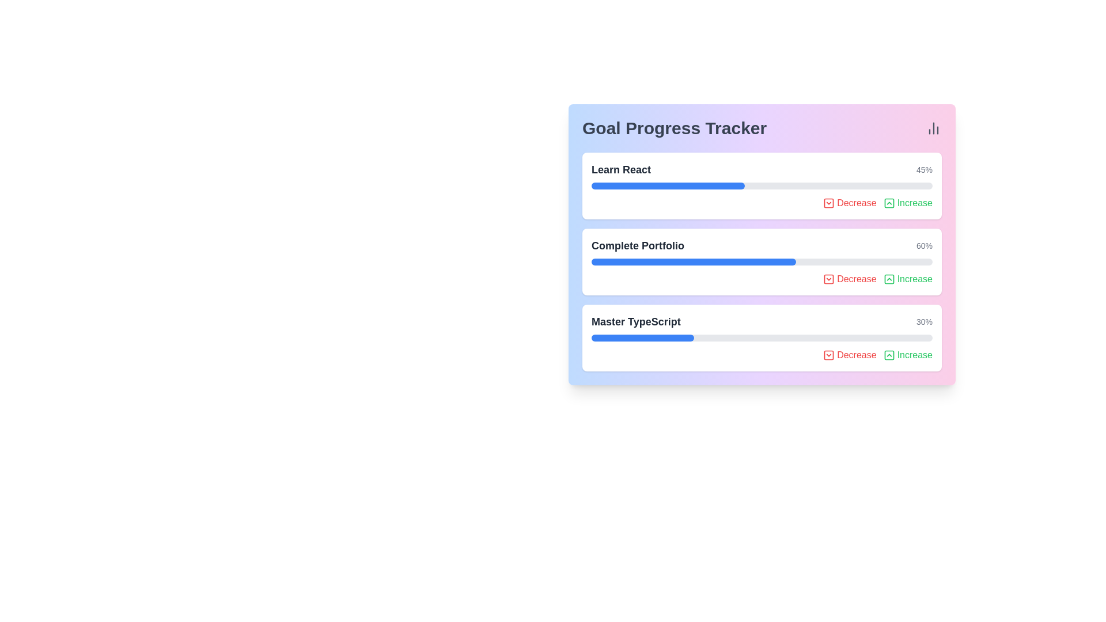  What do you see at coordinates (888, 279) in the screenshot?
I see `the square decorative icon located in the upper-right corner of the 'Goal Progress Tracker', which serves as a background for the chevron icon` at bounding box center [888, 279].